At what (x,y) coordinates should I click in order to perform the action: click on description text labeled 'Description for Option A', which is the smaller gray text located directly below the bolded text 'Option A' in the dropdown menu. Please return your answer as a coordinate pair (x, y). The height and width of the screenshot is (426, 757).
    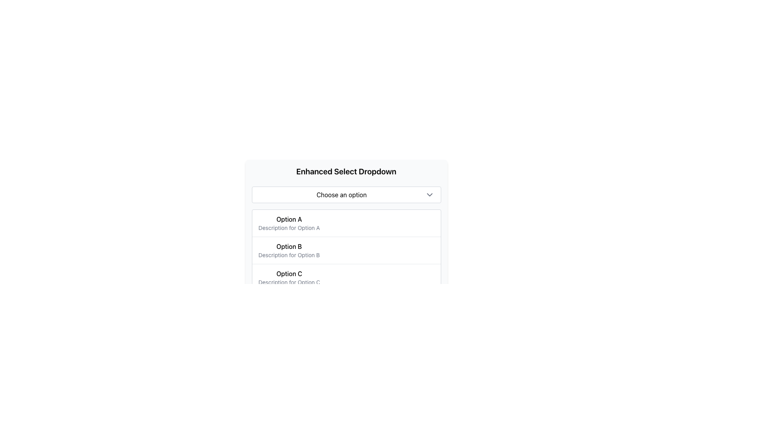
    Looking at the image, I should click on (289, 228).